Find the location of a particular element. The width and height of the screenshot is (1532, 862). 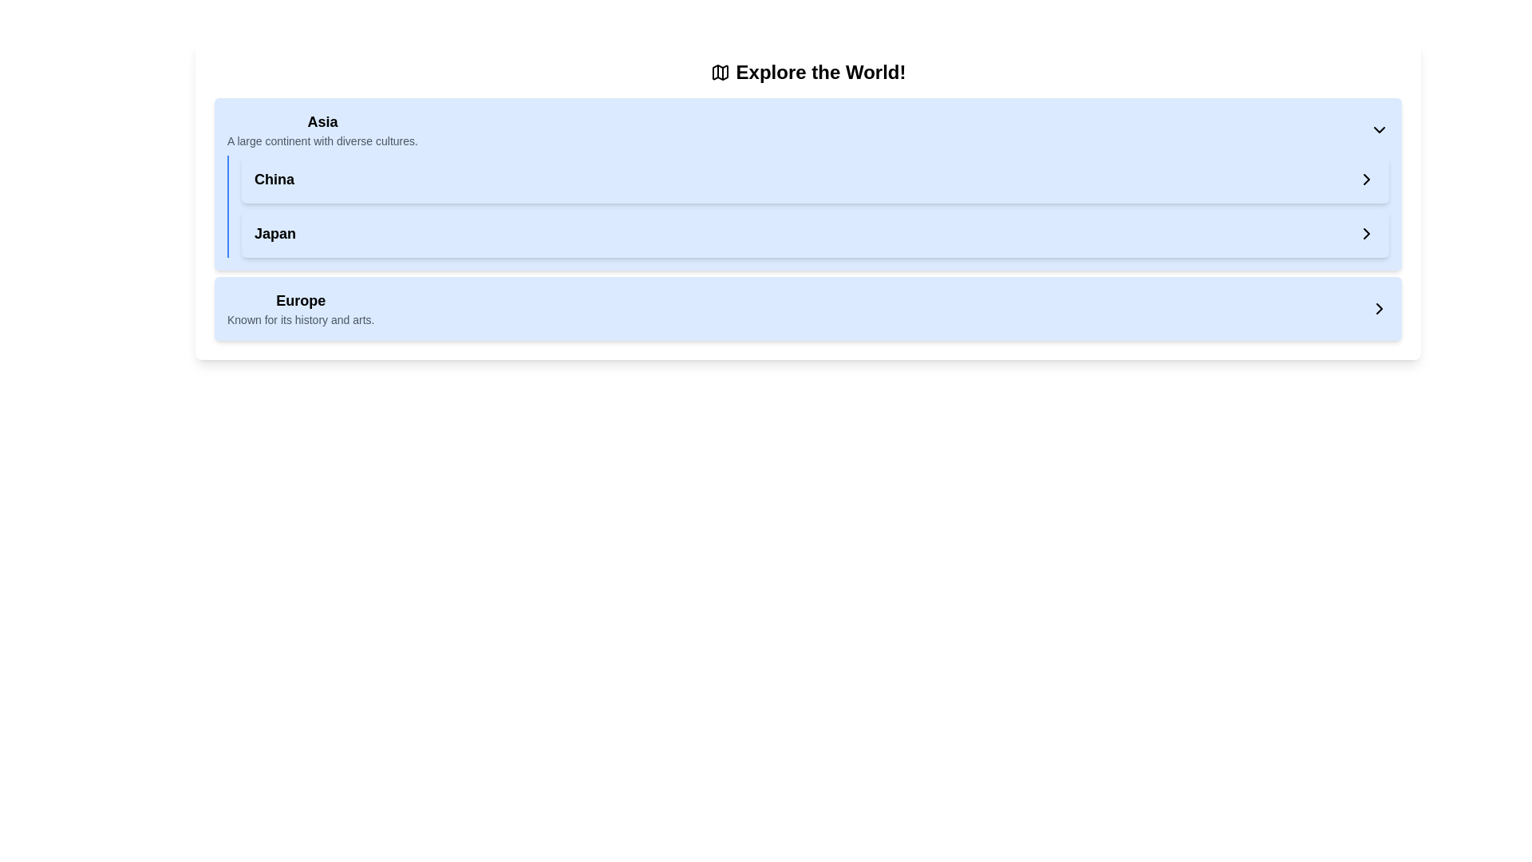

the Chevron Down icon associated with the 'Asia' section in the 'Explore the World!' interface is located at coordinates (1378, 129).